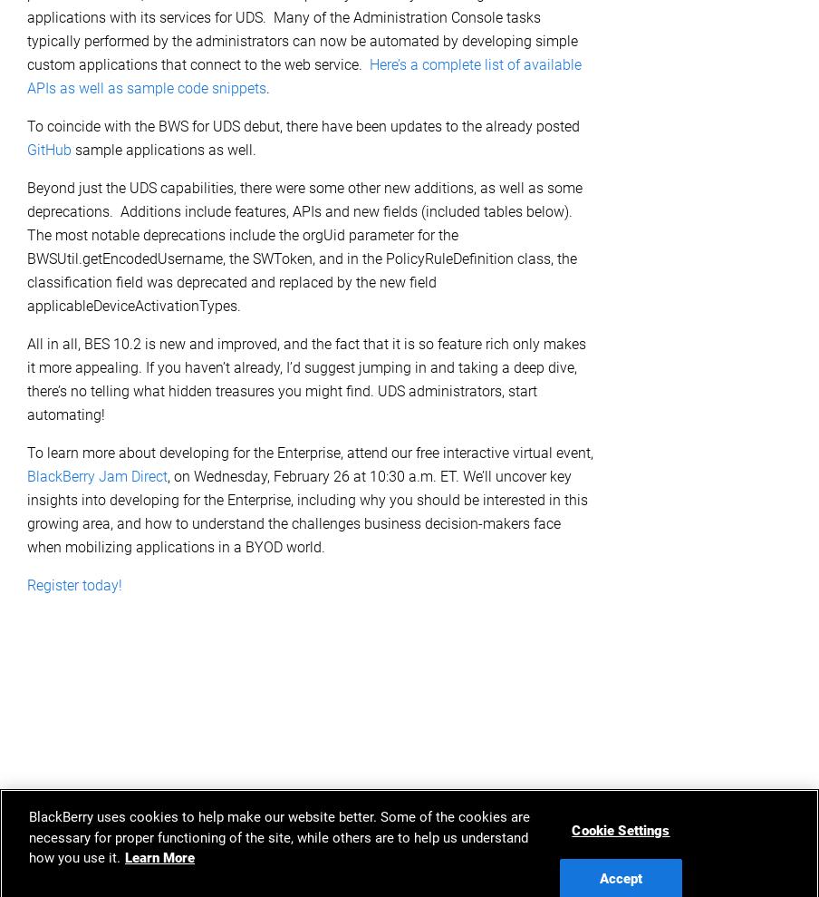  What do you see at coordinates (267, 87) in the screenshot?
I see `'.'` at bounding box center [267, 87].